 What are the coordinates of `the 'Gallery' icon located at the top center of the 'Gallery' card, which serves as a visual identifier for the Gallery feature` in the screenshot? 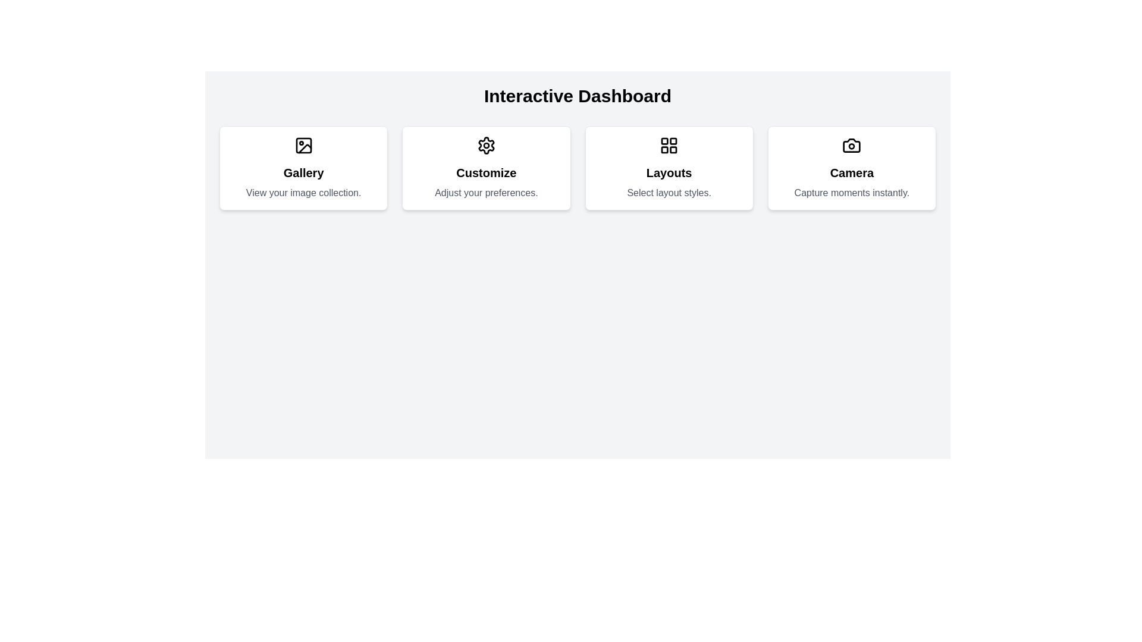 It's located at (303, 145).